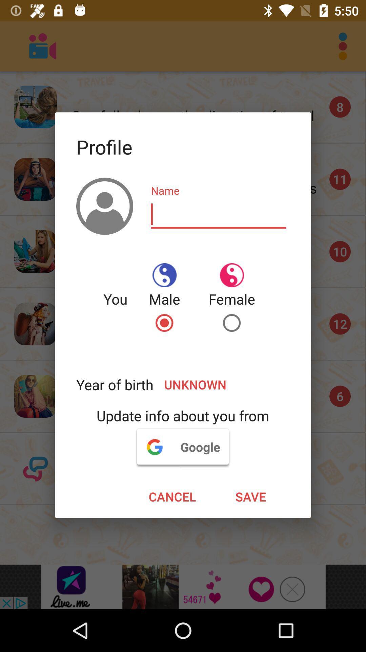  I want to click on the item below profile icon, so click(218, 214).